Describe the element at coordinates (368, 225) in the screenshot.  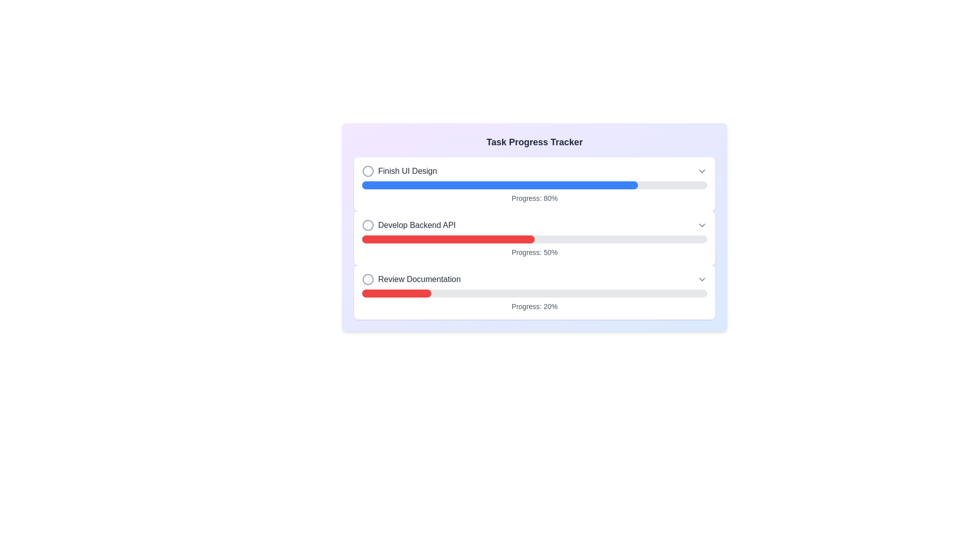
I see `the circle SVG graphic element with a radius of 10 units, located near the left side of the 'Develop Backend API' task entry on the progress tracker interface` at that location.